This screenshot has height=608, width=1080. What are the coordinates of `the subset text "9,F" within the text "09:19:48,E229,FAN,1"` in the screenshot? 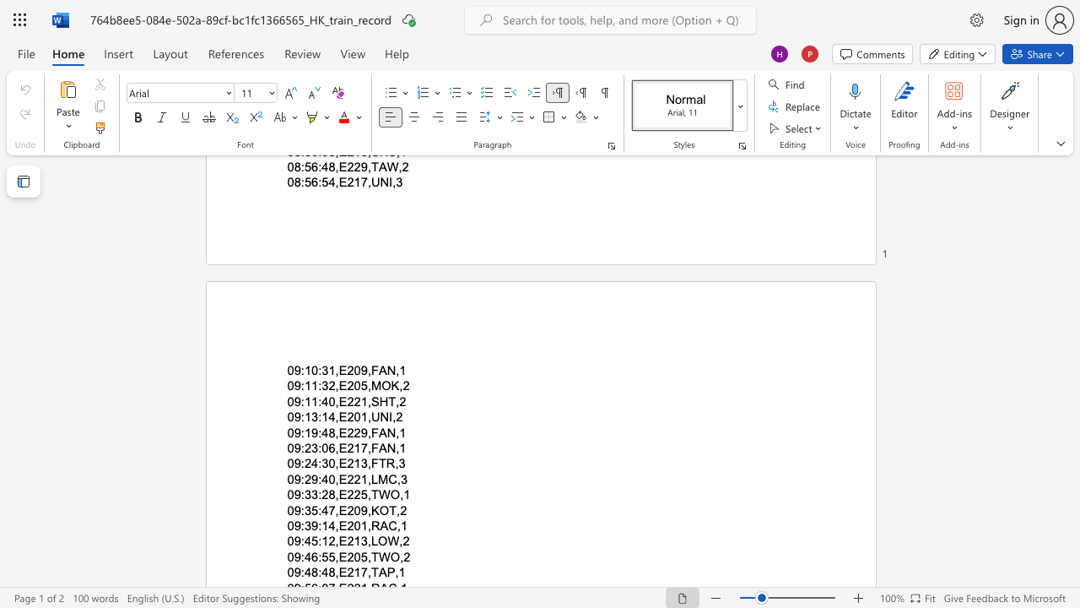 It's located at (359, 432).